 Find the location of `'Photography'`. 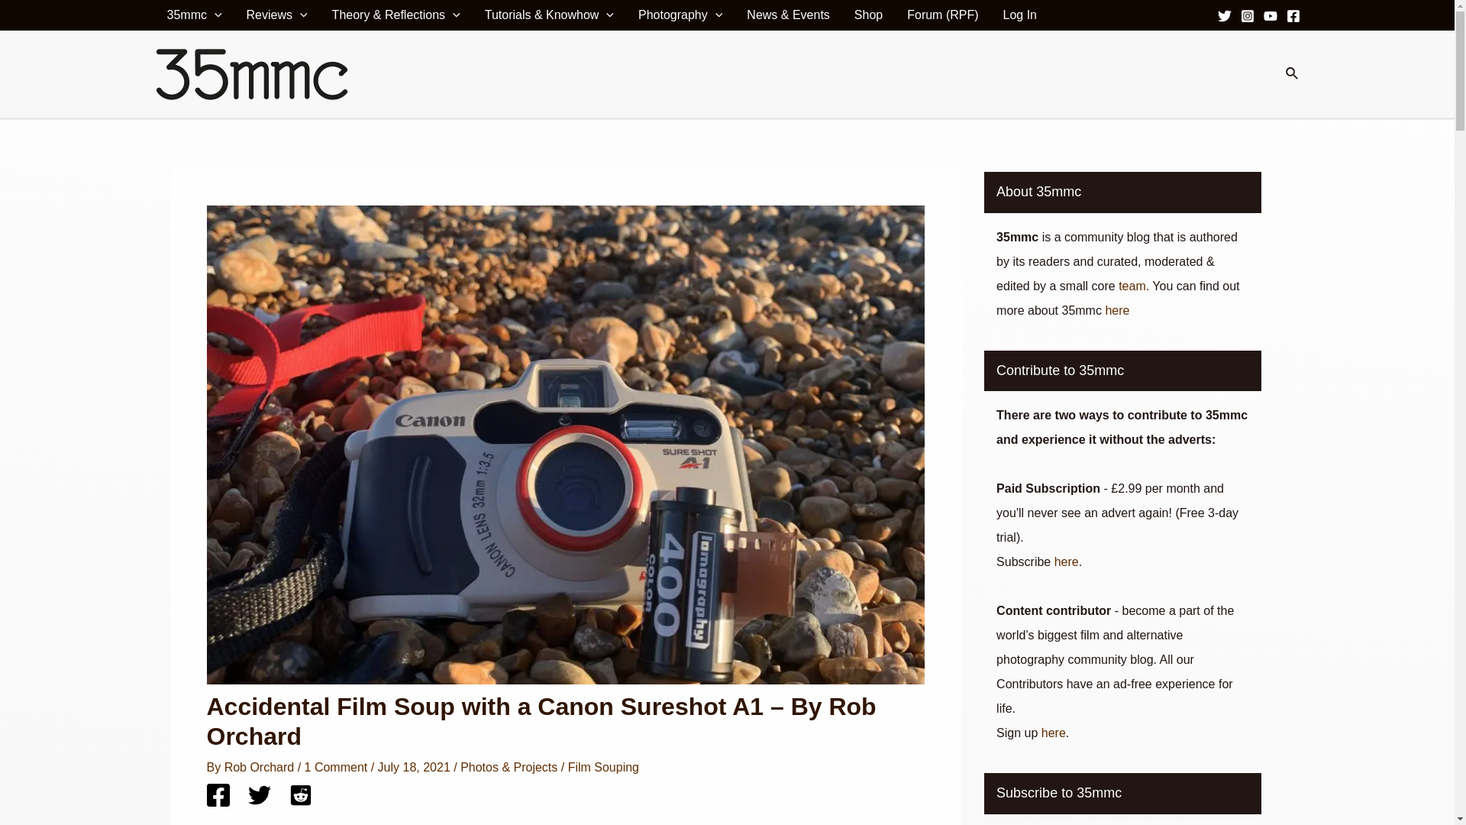

'Photography' is located at coordinates (626, 15).